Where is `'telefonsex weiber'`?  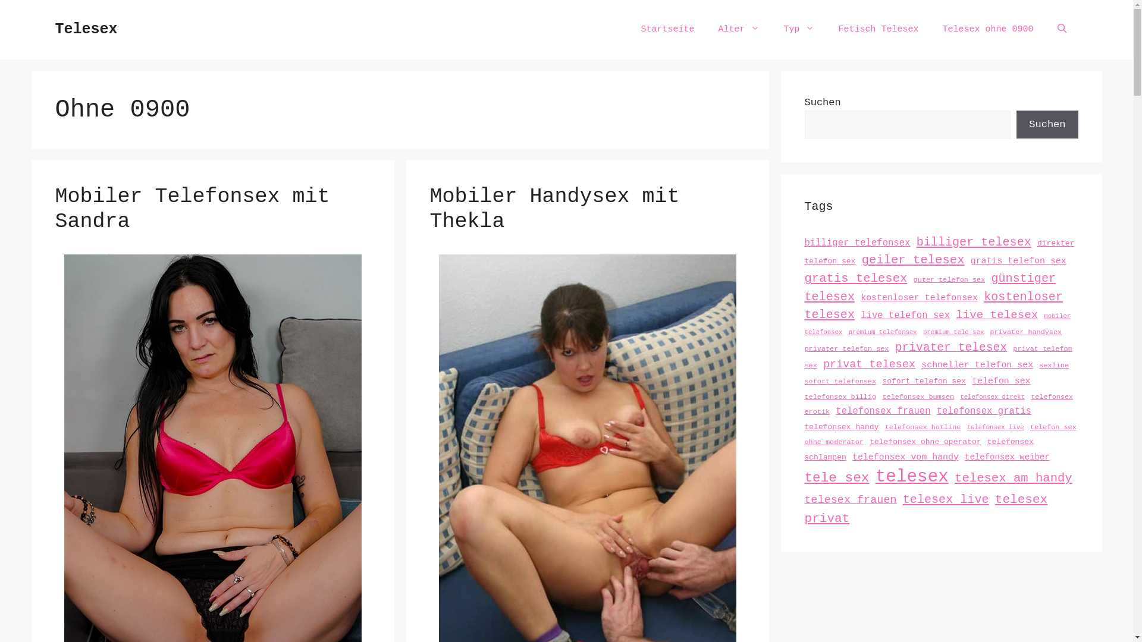
'telefonsex weiber' is located at coordinates (1006, 455).